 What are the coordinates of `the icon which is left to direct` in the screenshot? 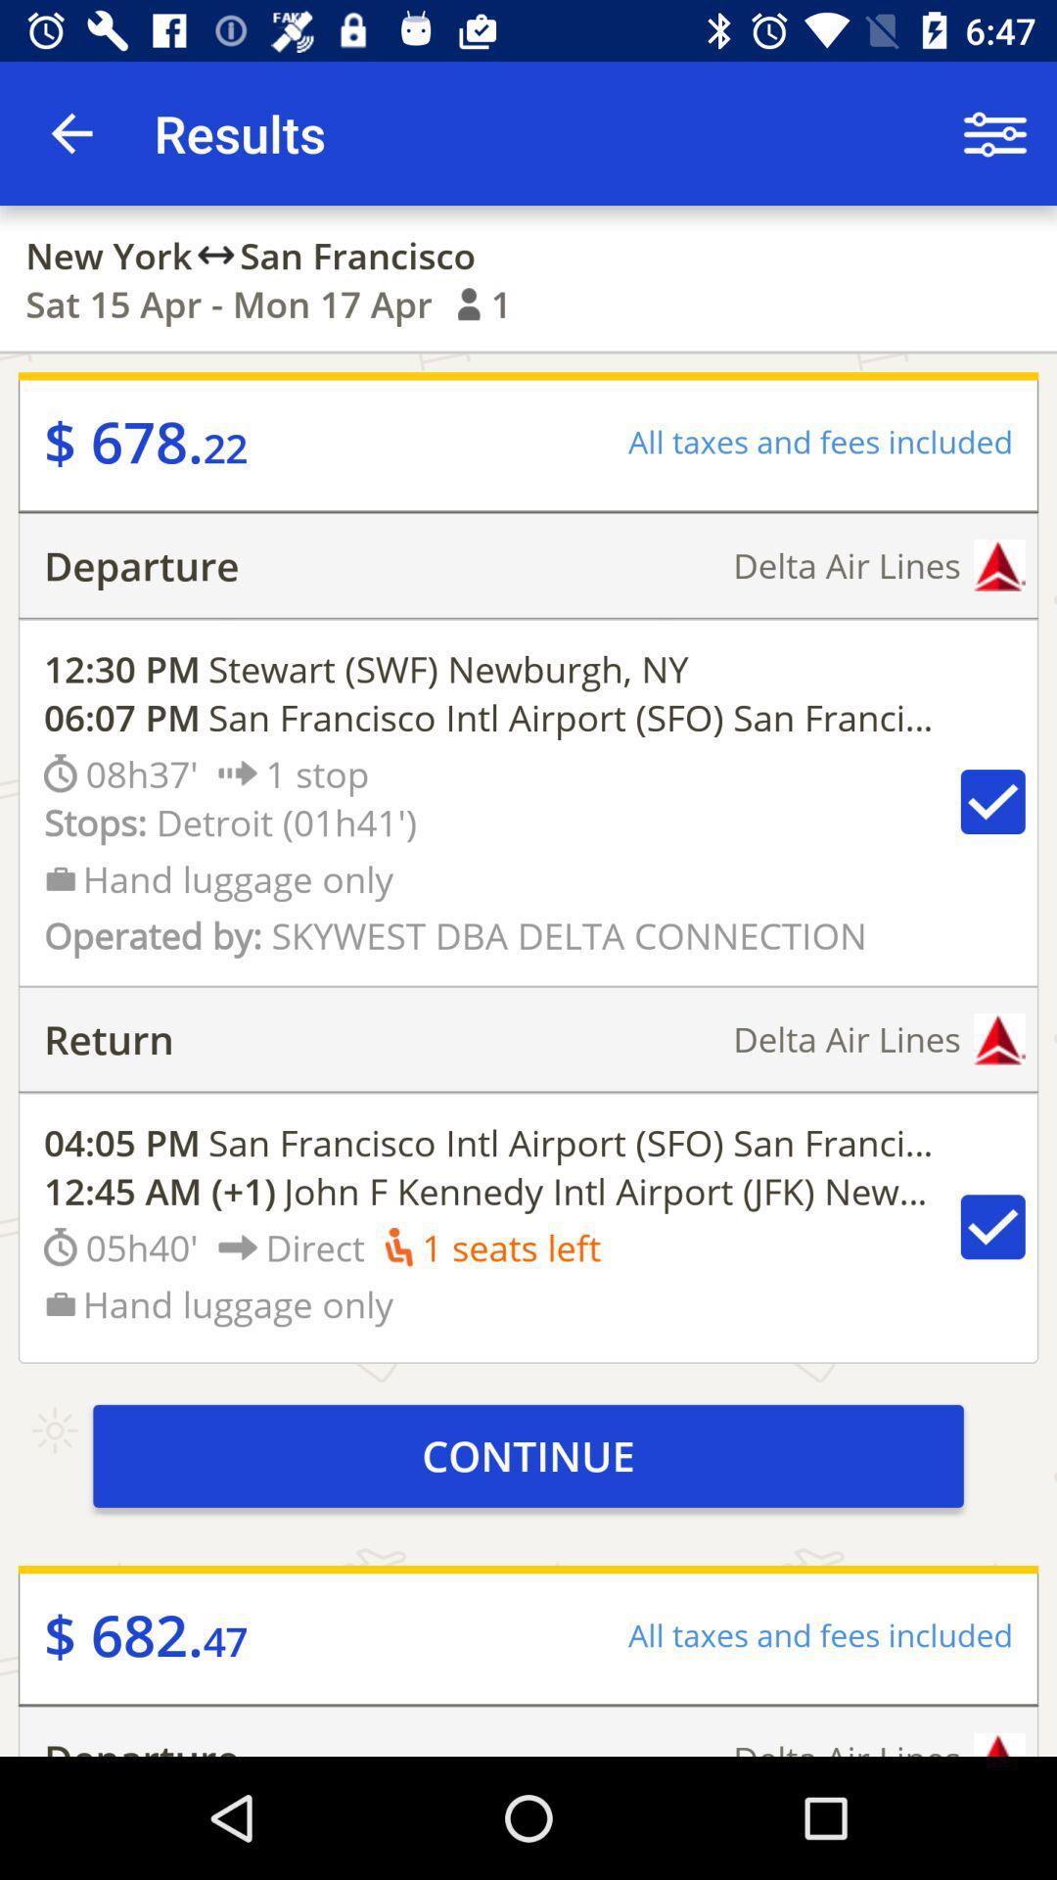 It's located at (237, 1245).